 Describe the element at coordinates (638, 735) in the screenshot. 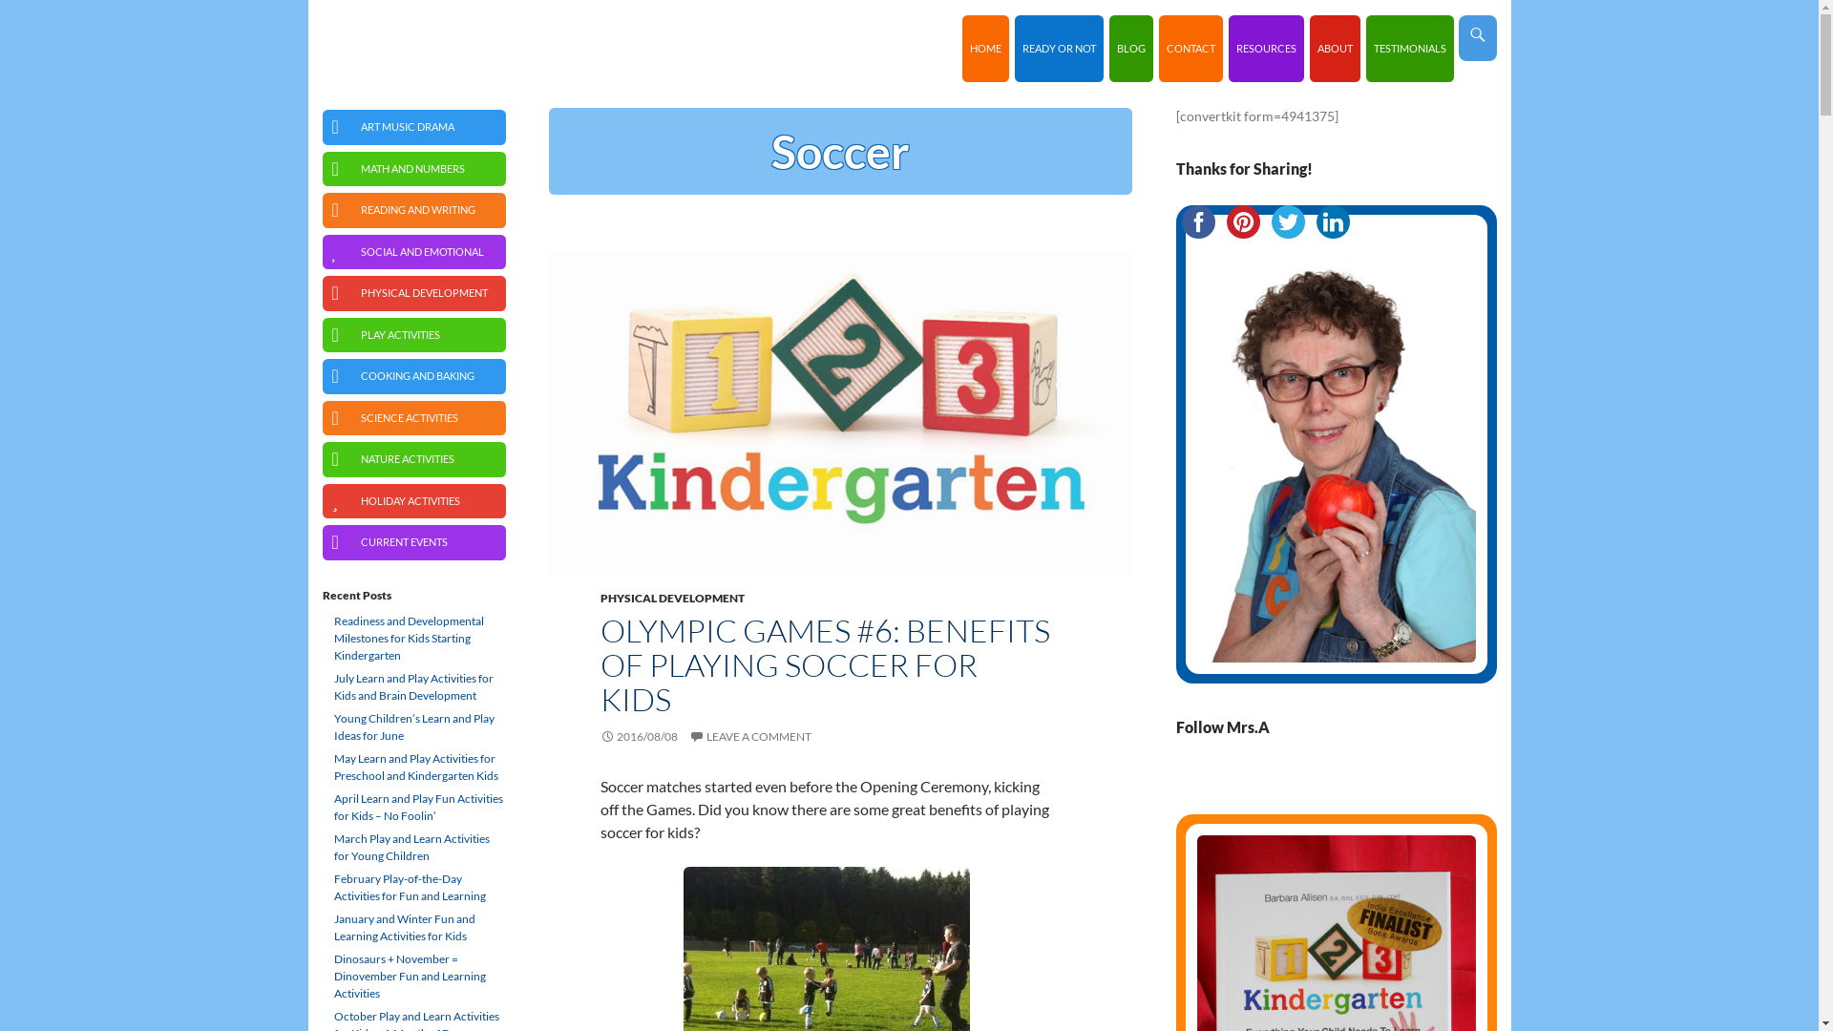

I see `'2016/08/08'` at that location.